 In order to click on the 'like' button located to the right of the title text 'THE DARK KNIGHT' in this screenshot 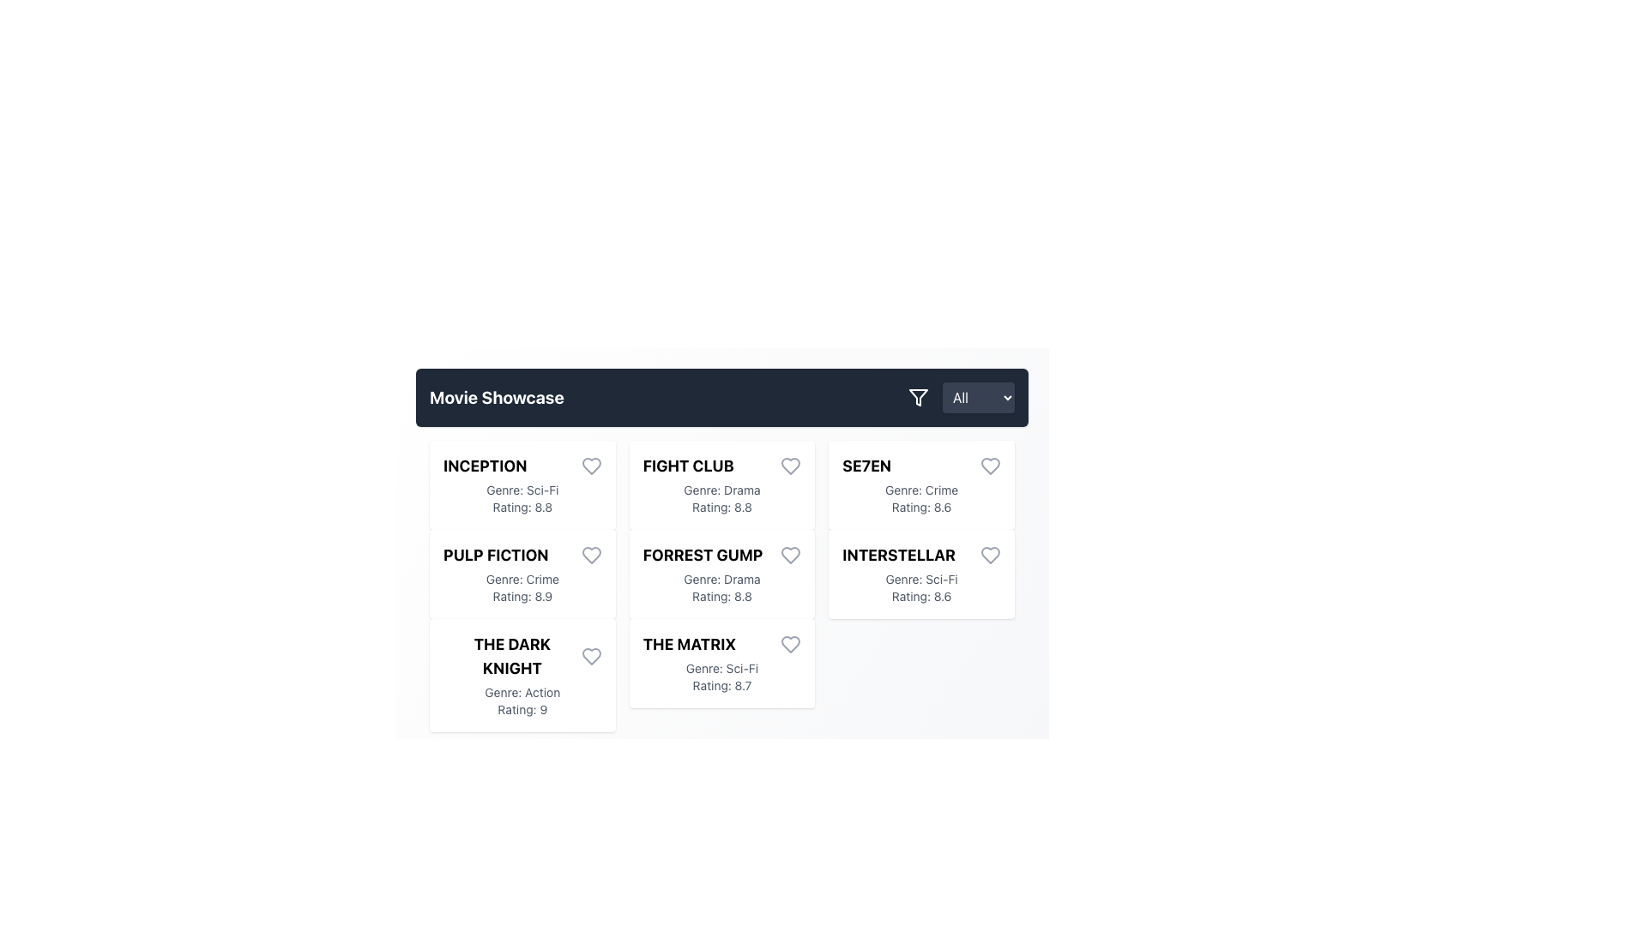, I will do `click(591, 656)`.